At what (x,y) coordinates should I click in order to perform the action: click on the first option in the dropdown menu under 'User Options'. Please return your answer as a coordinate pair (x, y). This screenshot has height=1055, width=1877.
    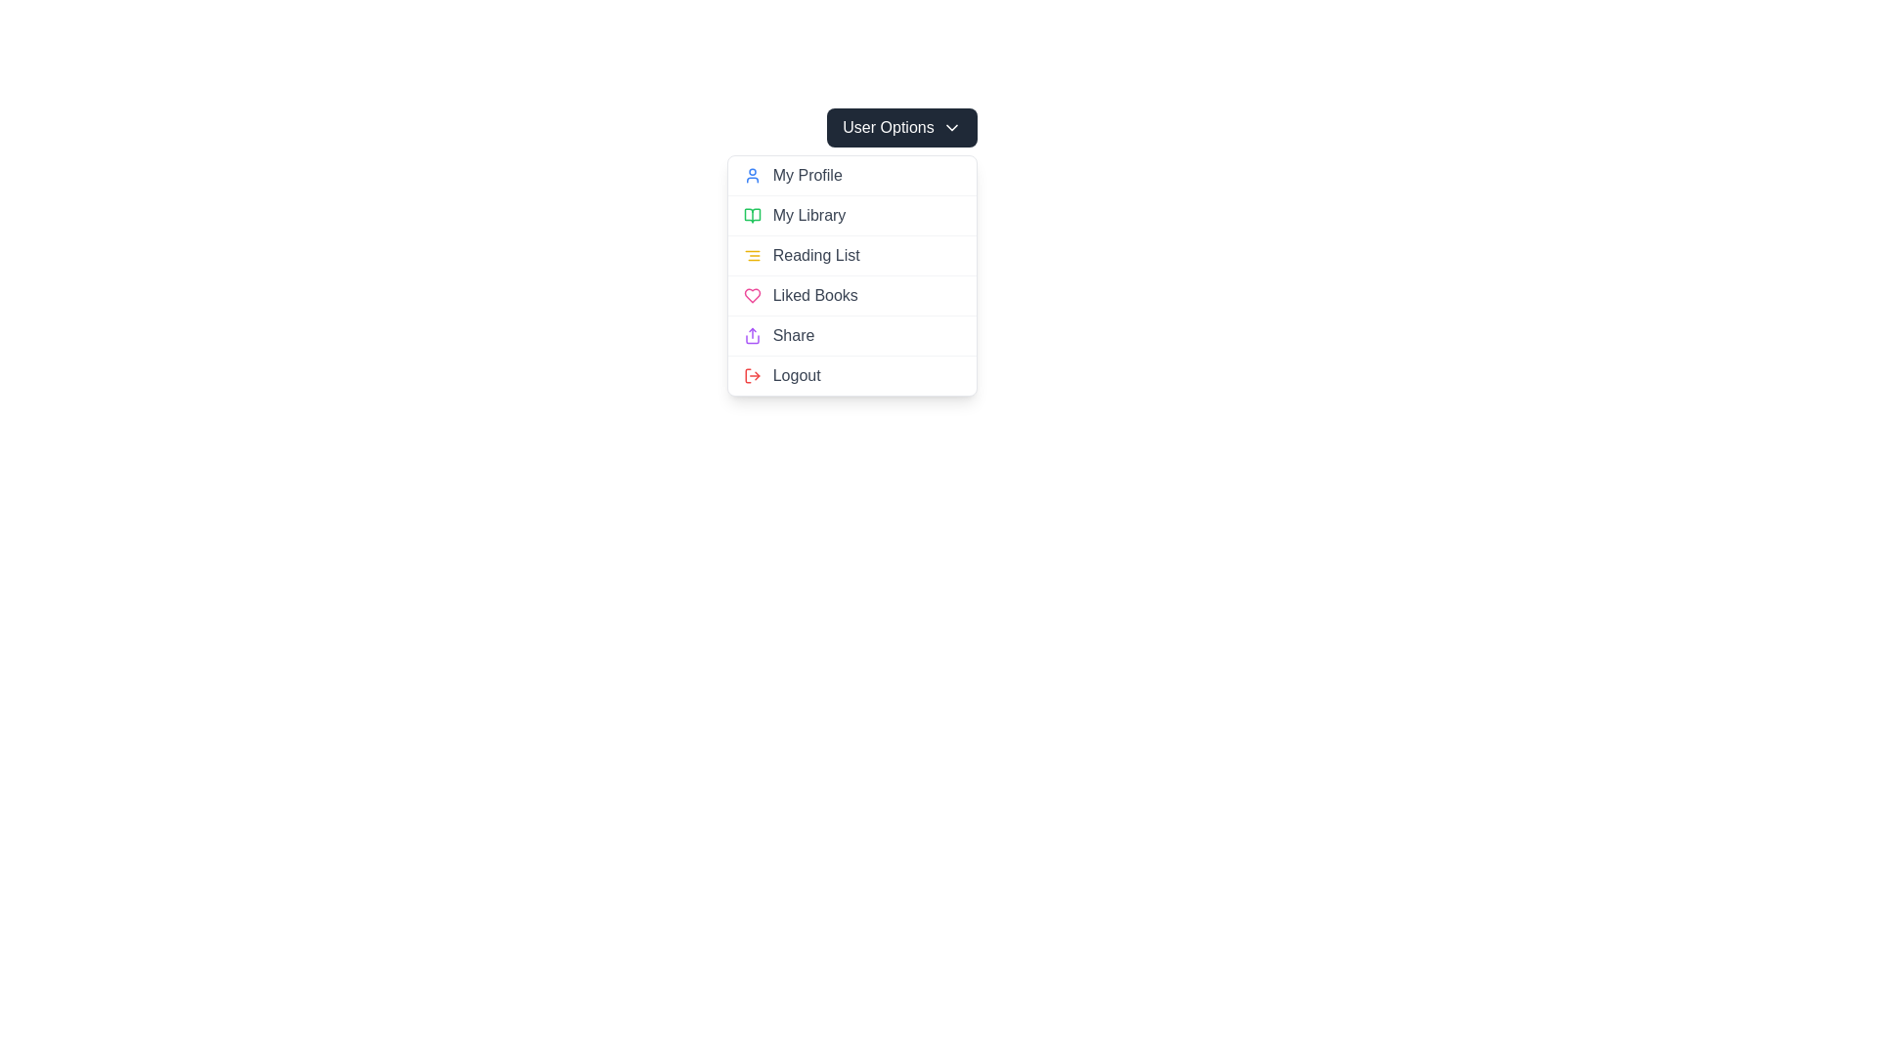
    Looking at the image, I should click on (851, 176).